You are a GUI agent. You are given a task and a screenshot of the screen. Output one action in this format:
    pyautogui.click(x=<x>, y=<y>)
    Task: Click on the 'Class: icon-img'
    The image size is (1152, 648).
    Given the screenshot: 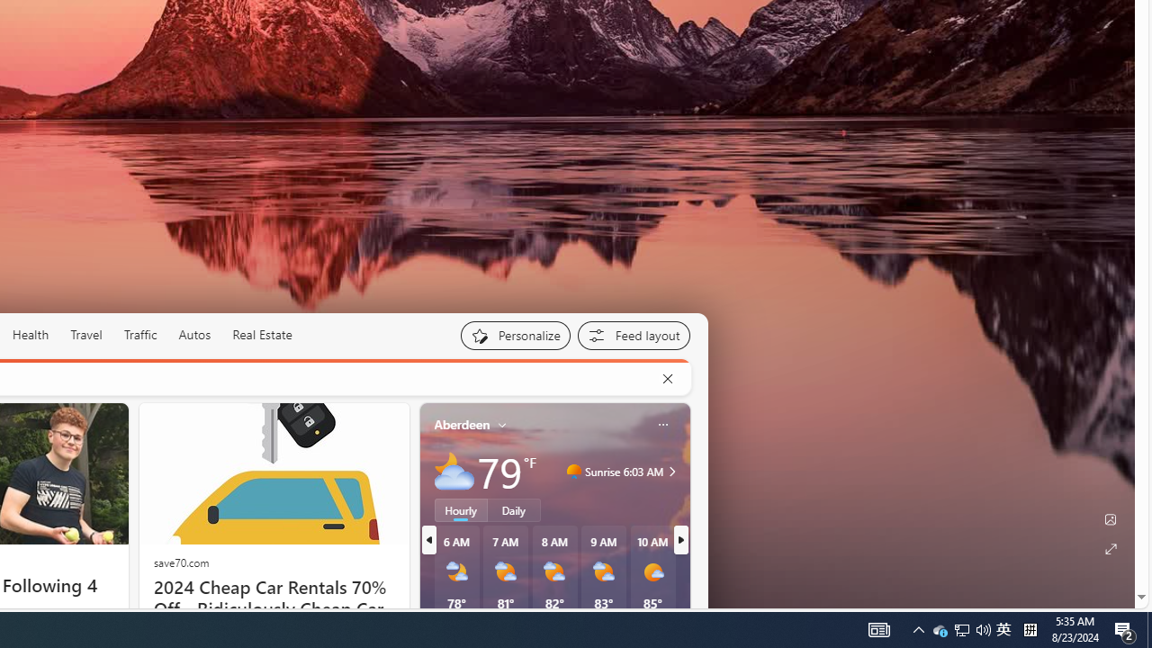 What is the action you would take?
    pyautogui.click(x=661, y=424)
    